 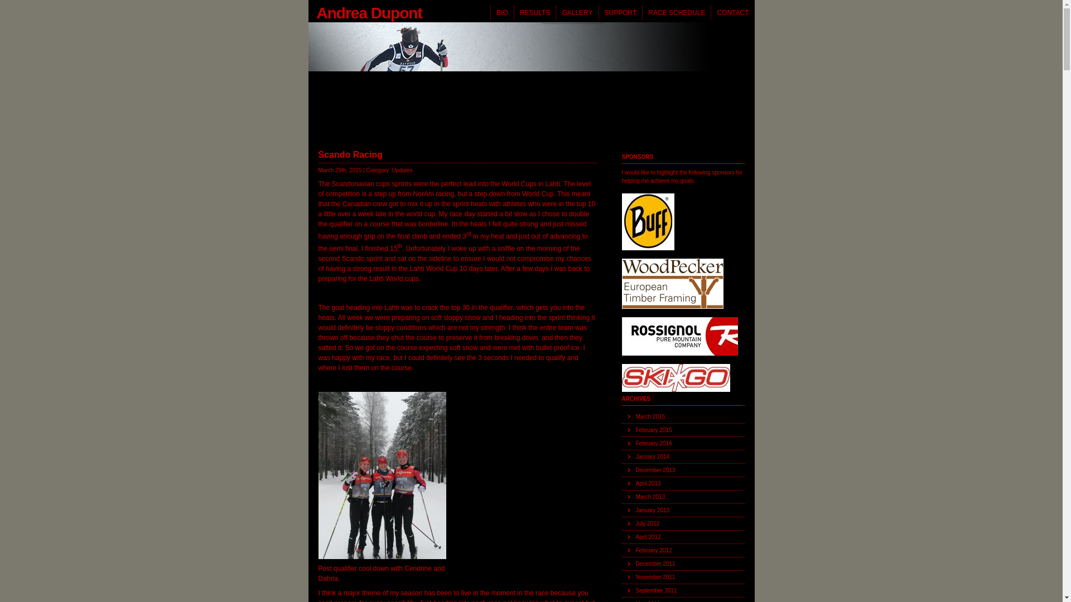 I want to click on 'RACE SCHEDULE', so click(x=676, y=13).